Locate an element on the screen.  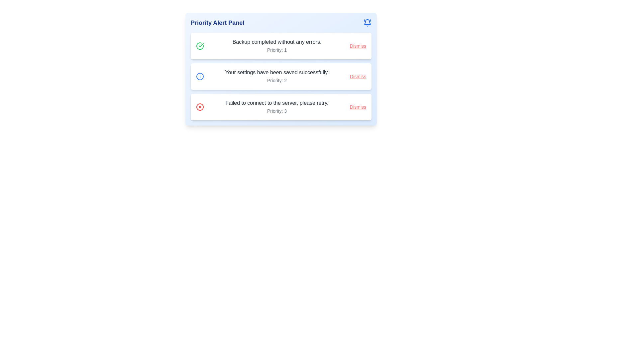
error message displayed on the notification card stating 'Failed to connect to the server, please retry.' This notification card is identified by its red circular icon with a cross and a 'Dismiss' button styled in red at the far right is located at coordinates (281, 107).